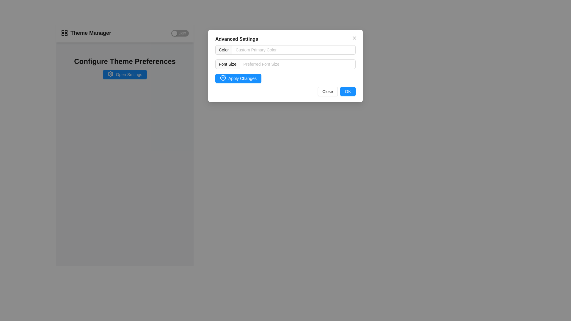 The image size is (571, 321). What do you see at coordinates (167, 33) in the screenshot?
I see `the current theme state by checking the 'Dark' textual label within the toggle switch located at the top-right corner of the application interface` at bounding box center [167, 33].